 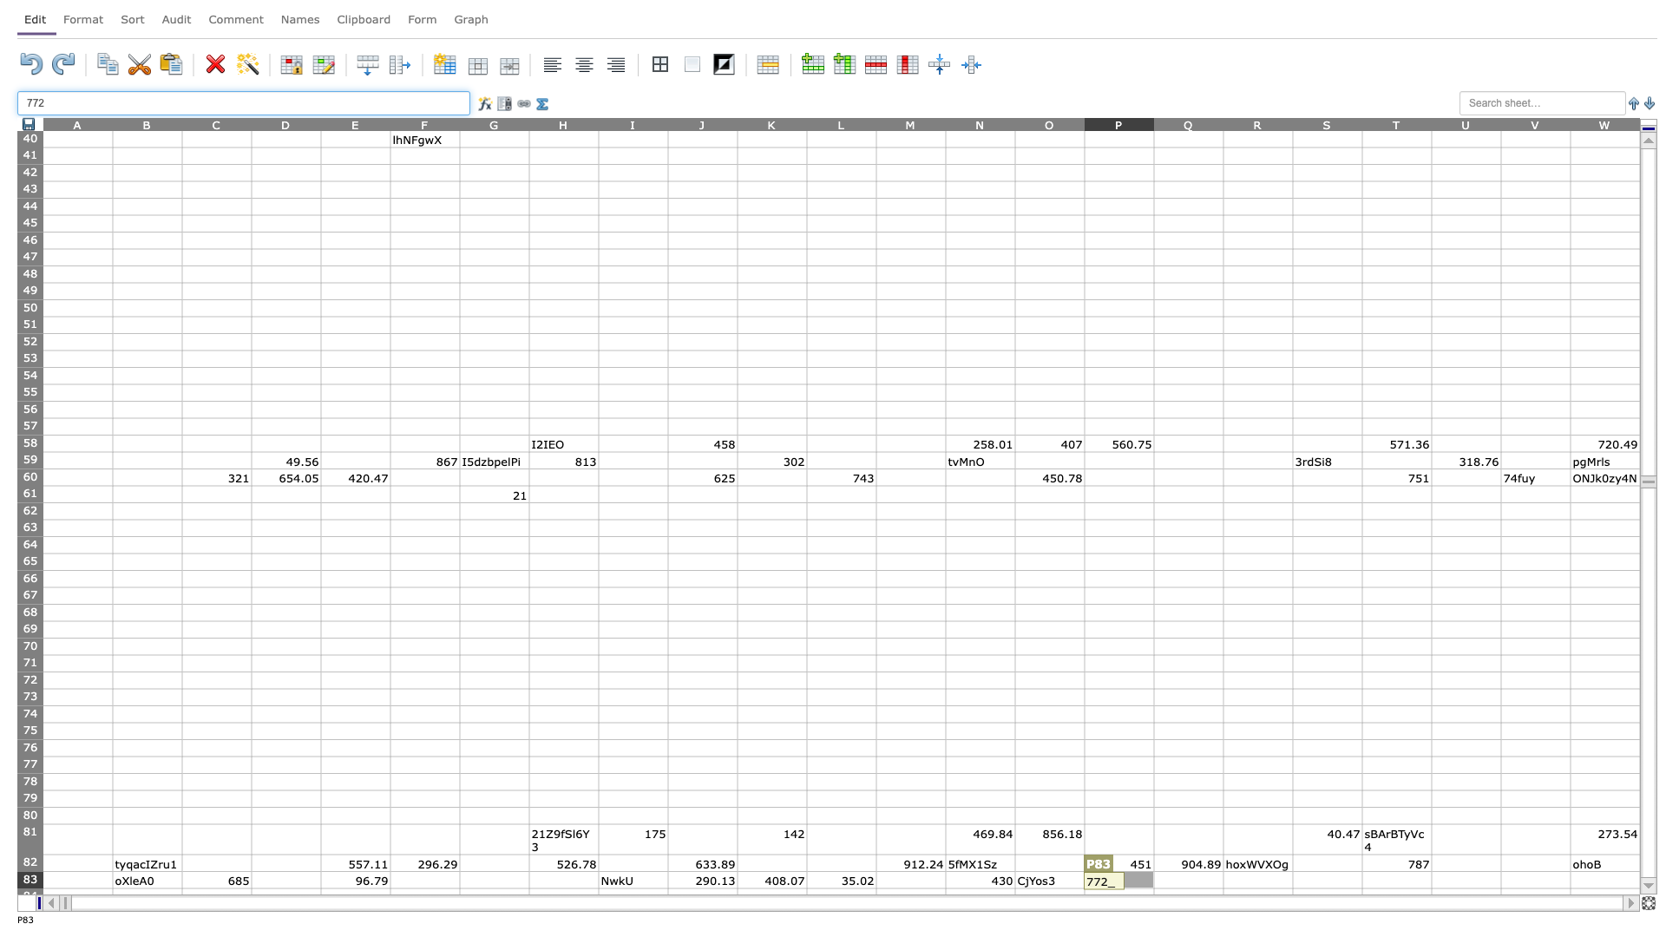 I want to click on right edge of Q83, so click(x=1223, y=880).